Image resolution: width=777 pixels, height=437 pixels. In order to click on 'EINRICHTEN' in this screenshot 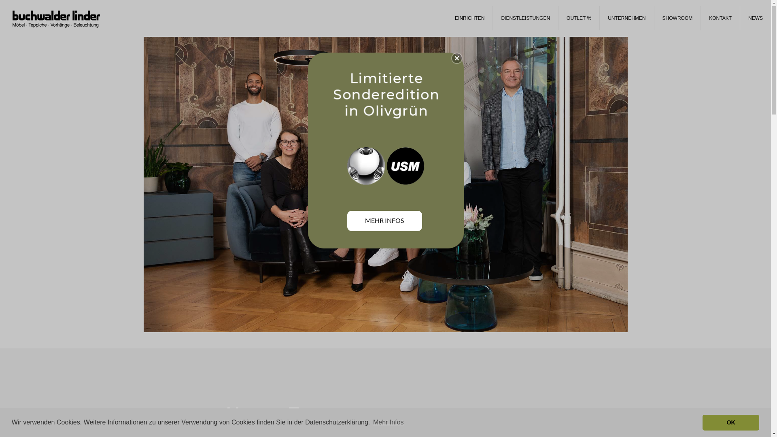, I will do `click(470, 18)`.